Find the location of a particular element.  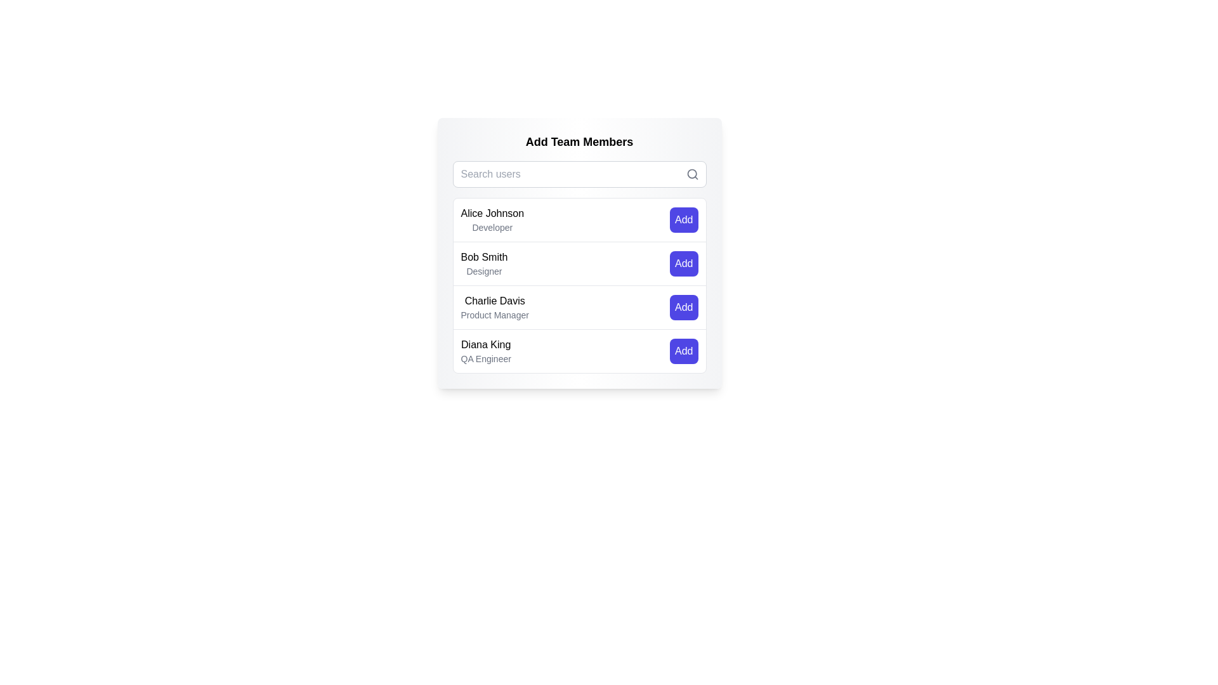

the third row of the user entries list, which displays 'Charlie Davis' as the name and includes an 'Add' button on the right, to trigger row-level feedback is located at coordinates (579, 307).